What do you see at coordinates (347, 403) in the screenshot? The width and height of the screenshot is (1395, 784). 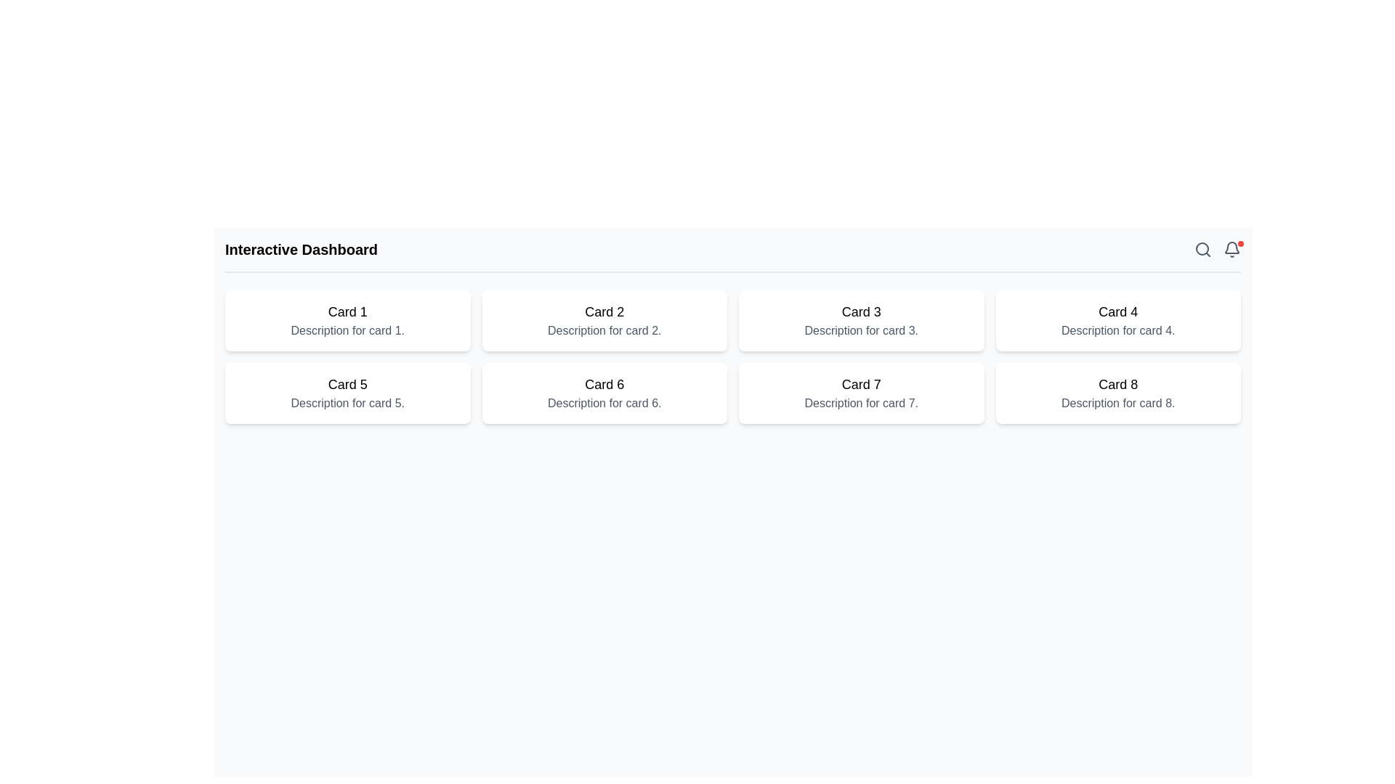 I see `descriptive text located beneath the main title text of the 'Card 5' card, which is in the second row and first column of the card grid` at bounding box center [347, 403].